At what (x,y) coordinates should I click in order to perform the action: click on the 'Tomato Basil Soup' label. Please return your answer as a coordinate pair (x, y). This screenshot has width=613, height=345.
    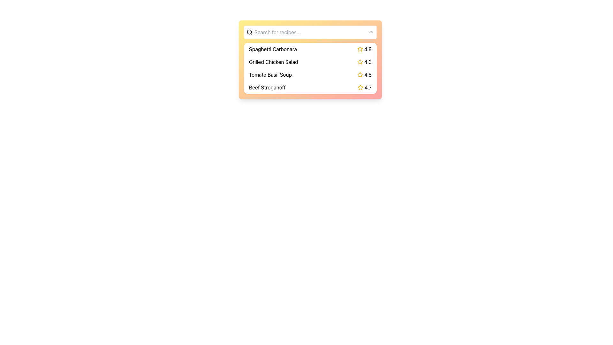
    Looking at the image, I should click on (270, 74).